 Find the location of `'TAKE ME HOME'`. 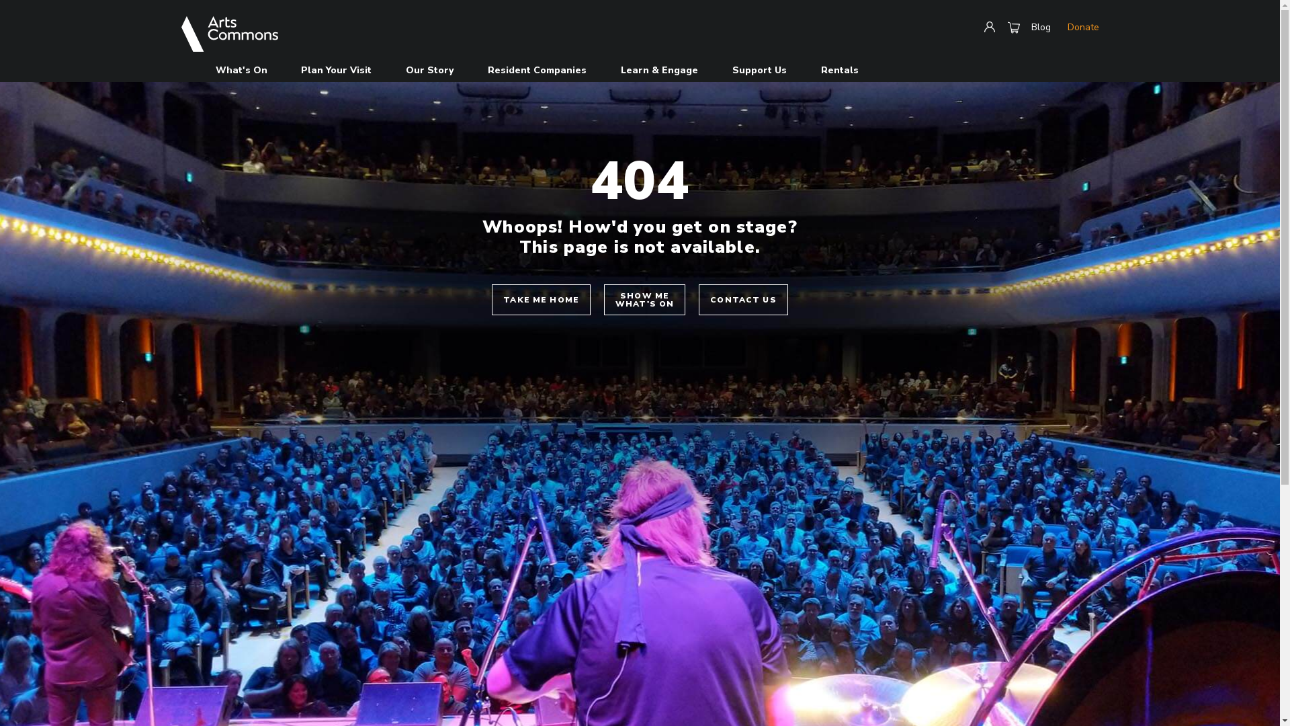

'TAKE ME HOME' is located at coordinates (541, 299).